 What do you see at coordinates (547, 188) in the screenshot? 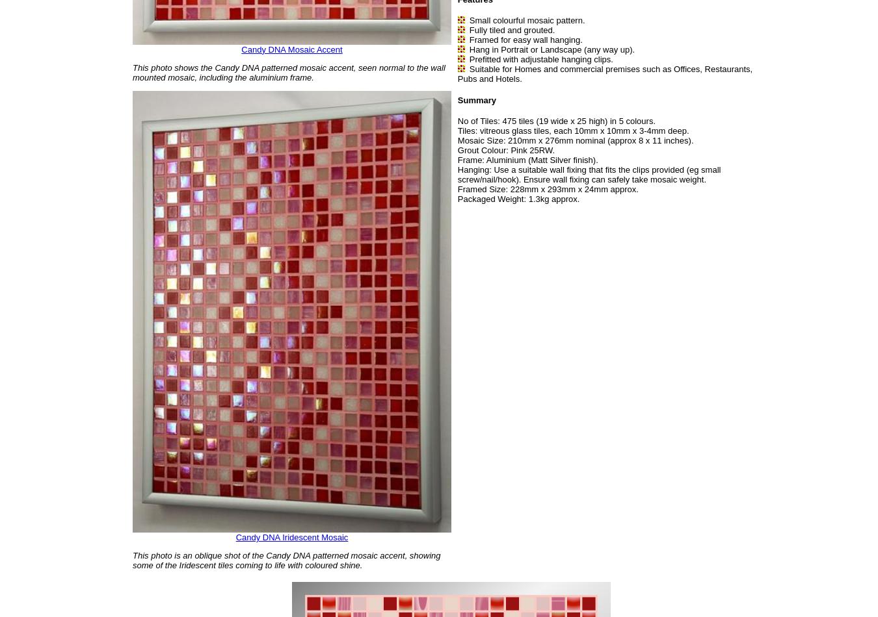
I see `'Framed Size: 228mm x 293mm x 24mm approx.'` at bounding box center [547, 188].